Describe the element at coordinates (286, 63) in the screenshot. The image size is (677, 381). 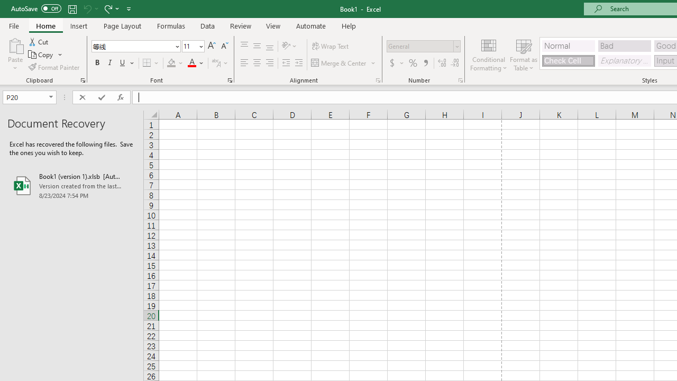
I see `'Decrease Indent'` at that location.